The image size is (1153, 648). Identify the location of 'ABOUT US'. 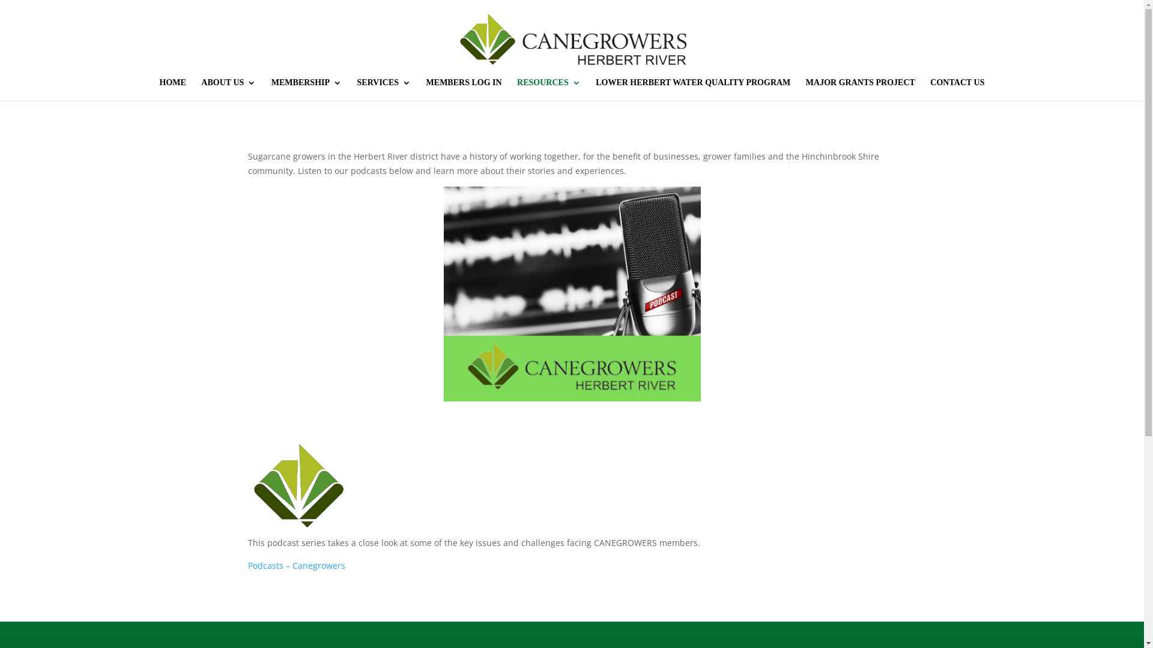
(201, 89).